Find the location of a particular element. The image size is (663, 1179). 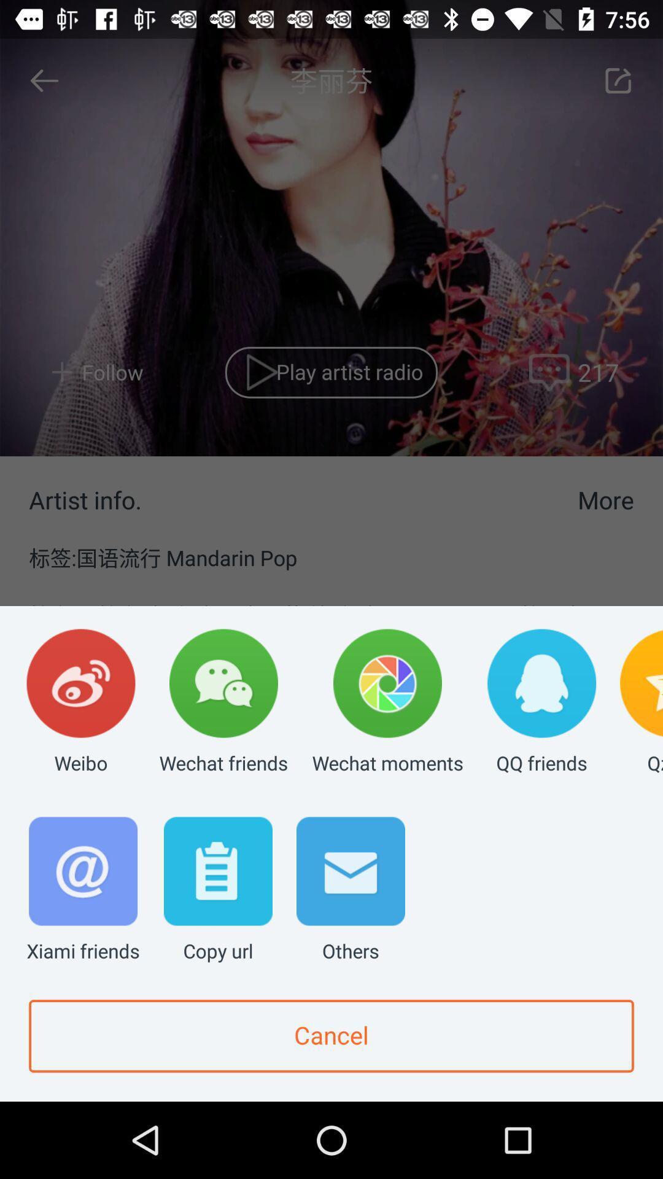

the weibo app is located at coordinates (80, 702).